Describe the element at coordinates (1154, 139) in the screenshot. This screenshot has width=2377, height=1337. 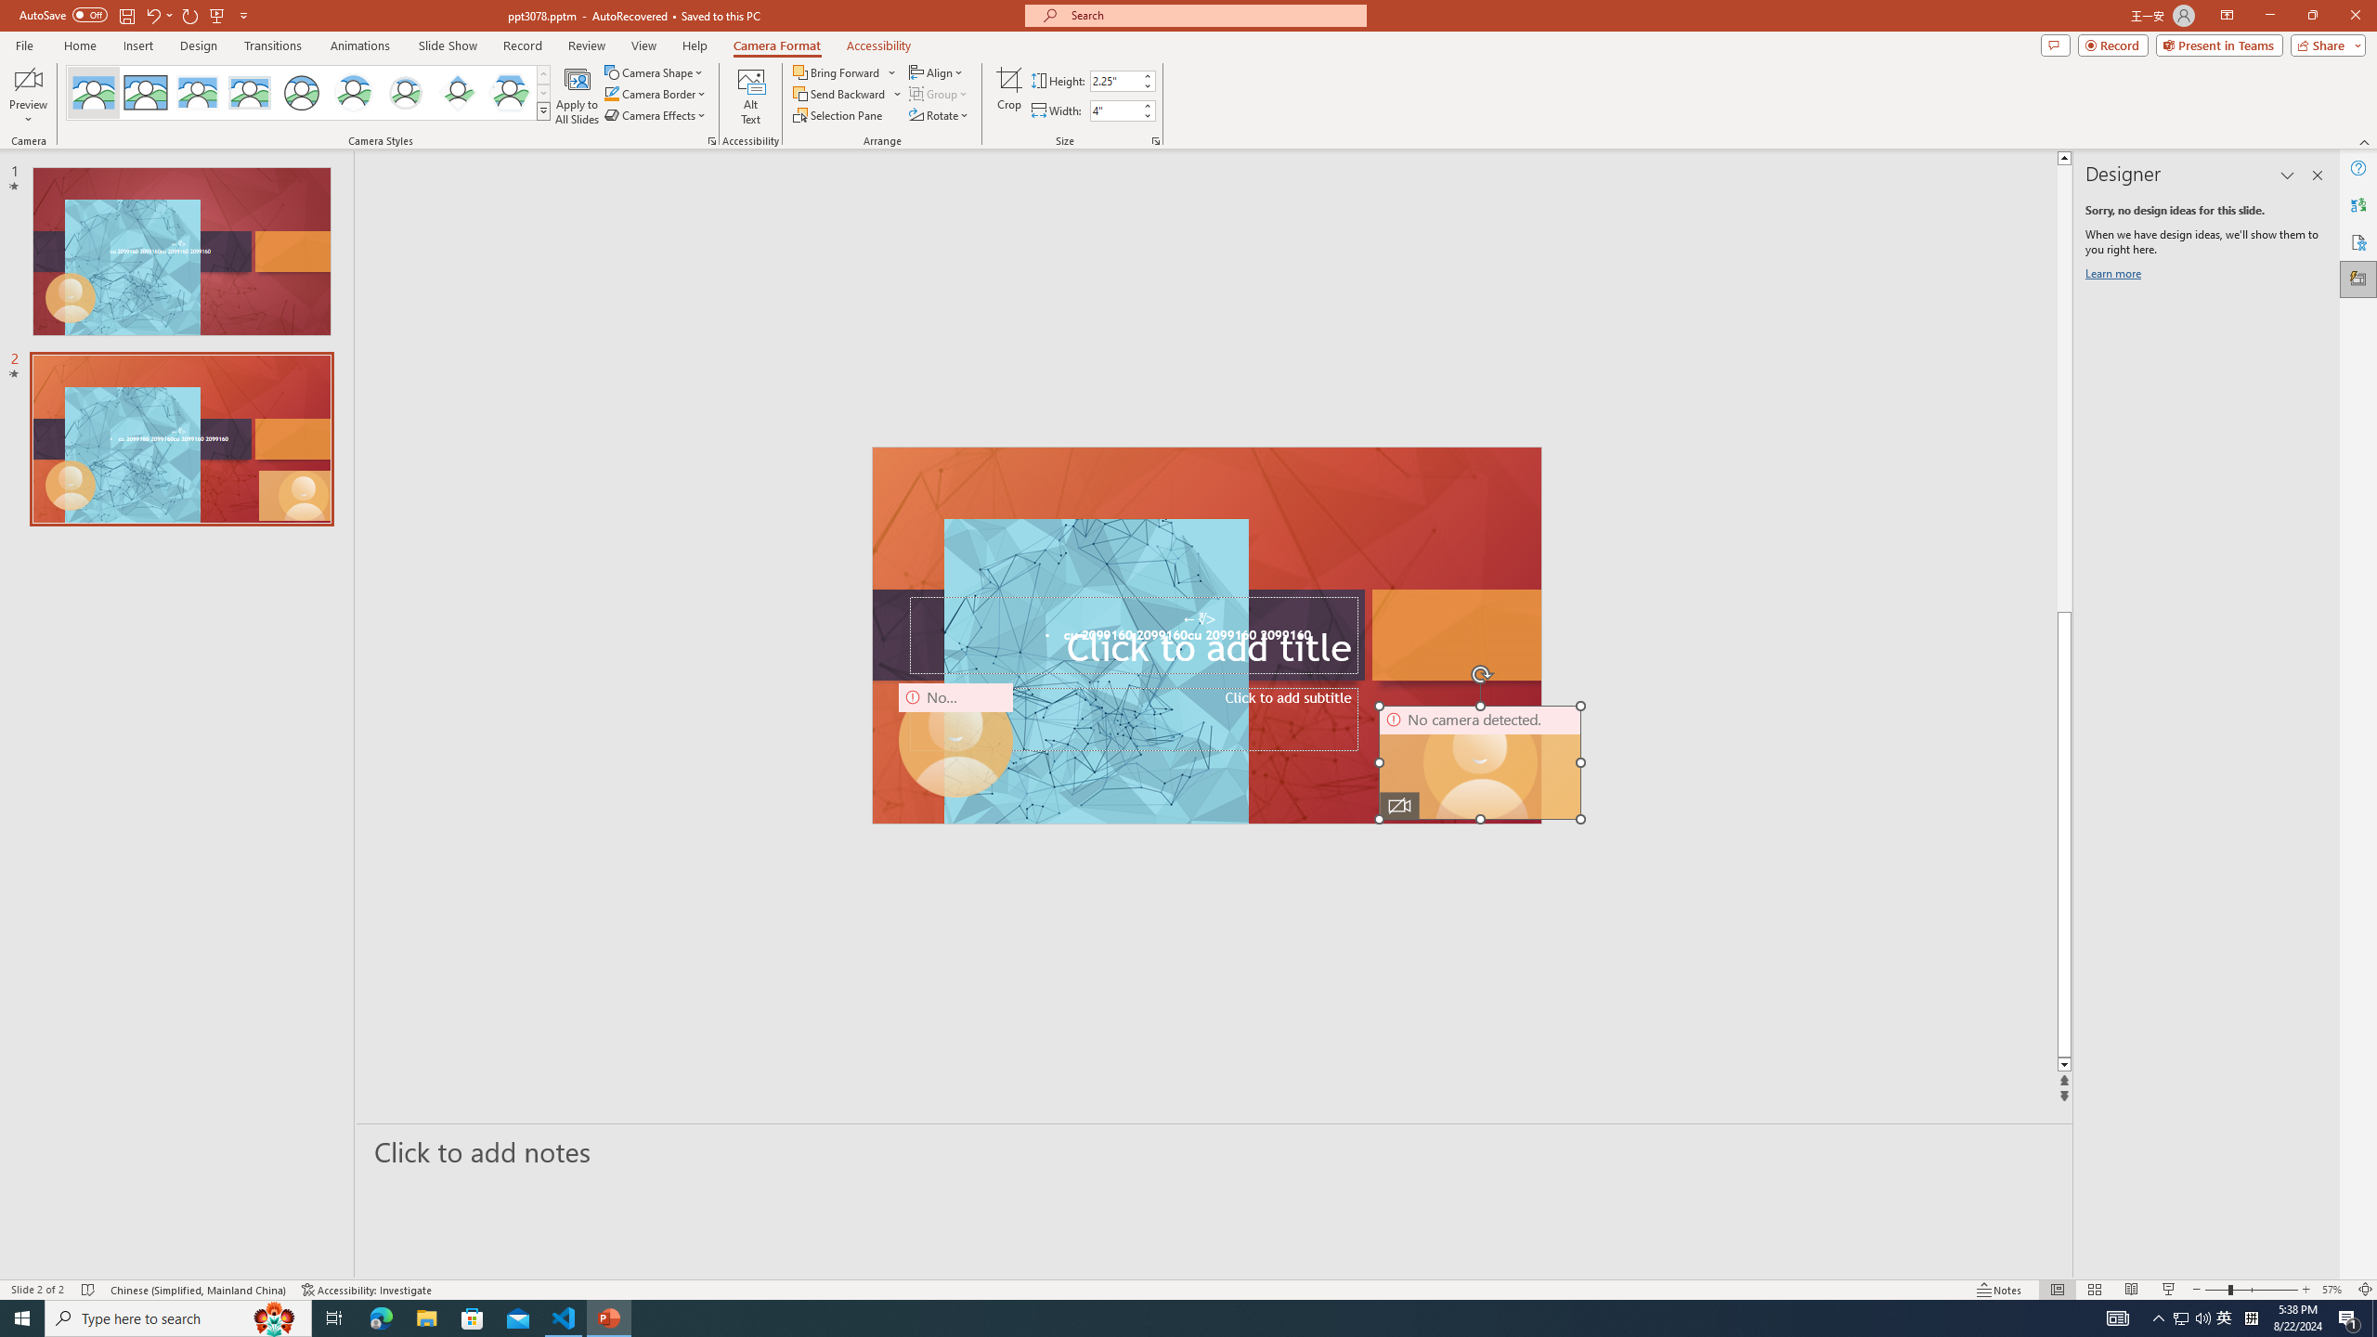
I see `'Size and Position...'` at that location.